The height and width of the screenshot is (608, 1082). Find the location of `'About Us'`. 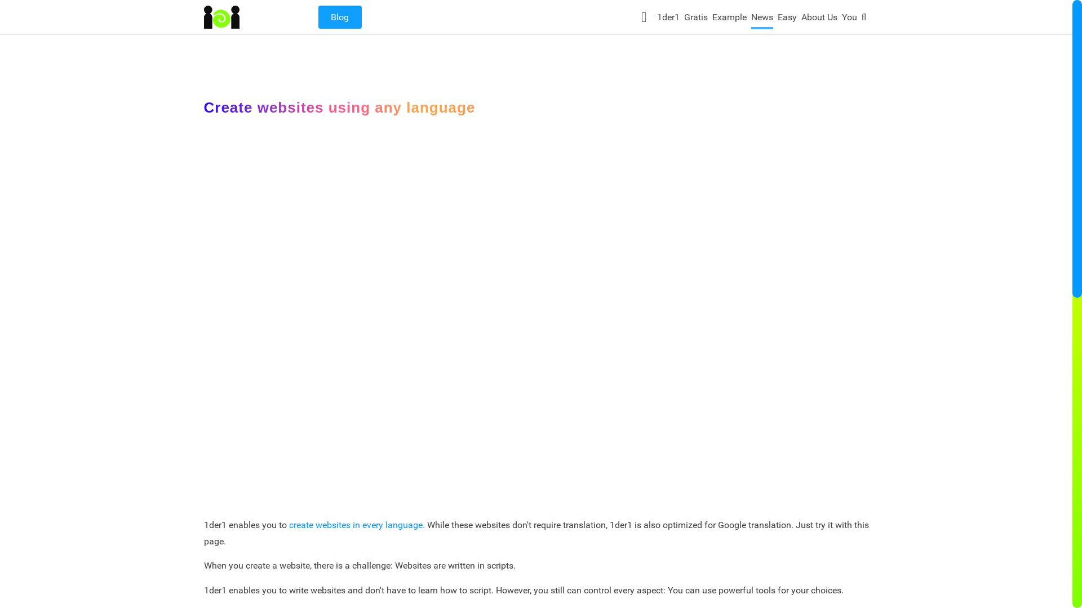

'About Us' is located at coordinates (819, 19).